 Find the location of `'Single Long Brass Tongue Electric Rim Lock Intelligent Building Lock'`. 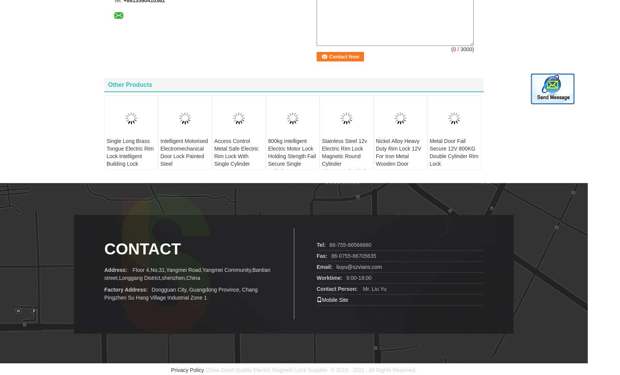

'Single Long Brass Tongue Electric Rim Lock Intelligent Building Lock' is located at coordinates (130, 140).